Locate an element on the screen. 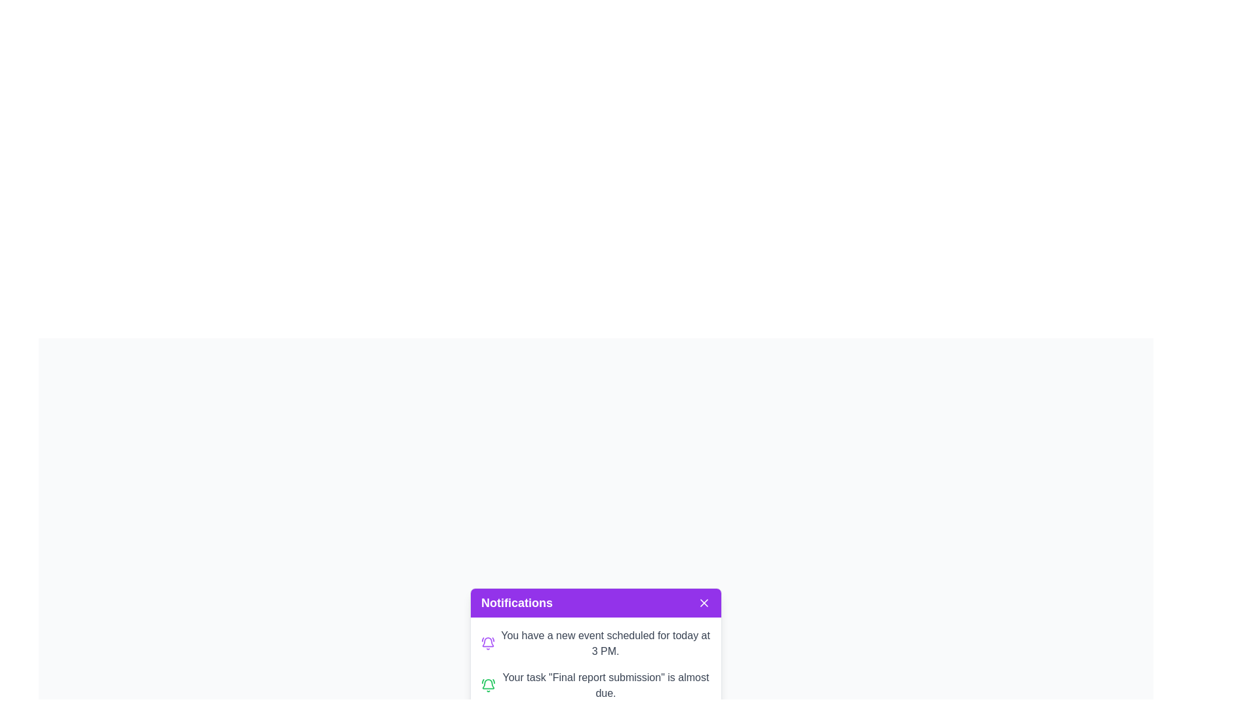 This screenshot has width=1259, height=708. the green bell icon, which is a 'bell ring' variant, located at the start of the second notification row for the message 'Your task "Final report submission" is almost due.' is located at coordinates (487, 684).